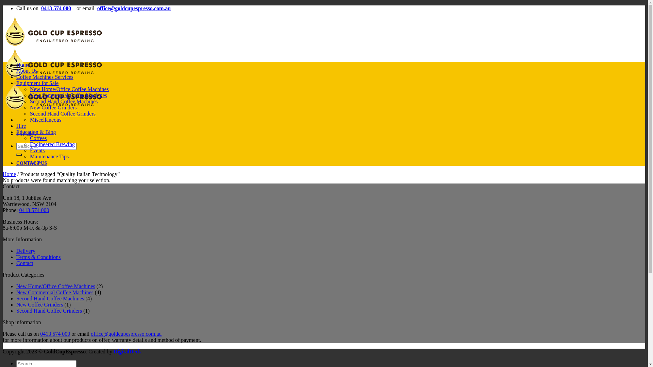 The image size is (653, 367). I want to click on 'Equipment for Sale', so click(16, 83).